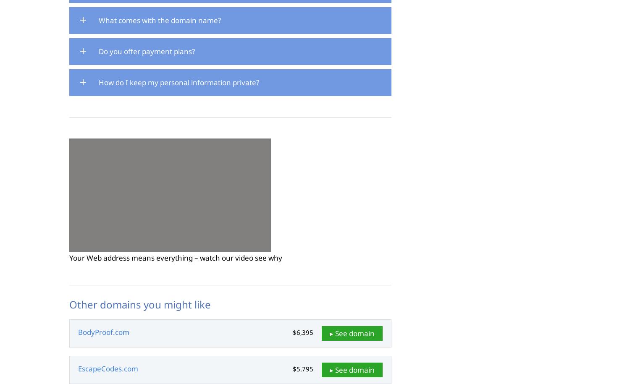 This screenshot has height=384, width=630. Describe the element at coordinates (69, 304) in the screenshot. I see `'Other domains you might like'` at that location.